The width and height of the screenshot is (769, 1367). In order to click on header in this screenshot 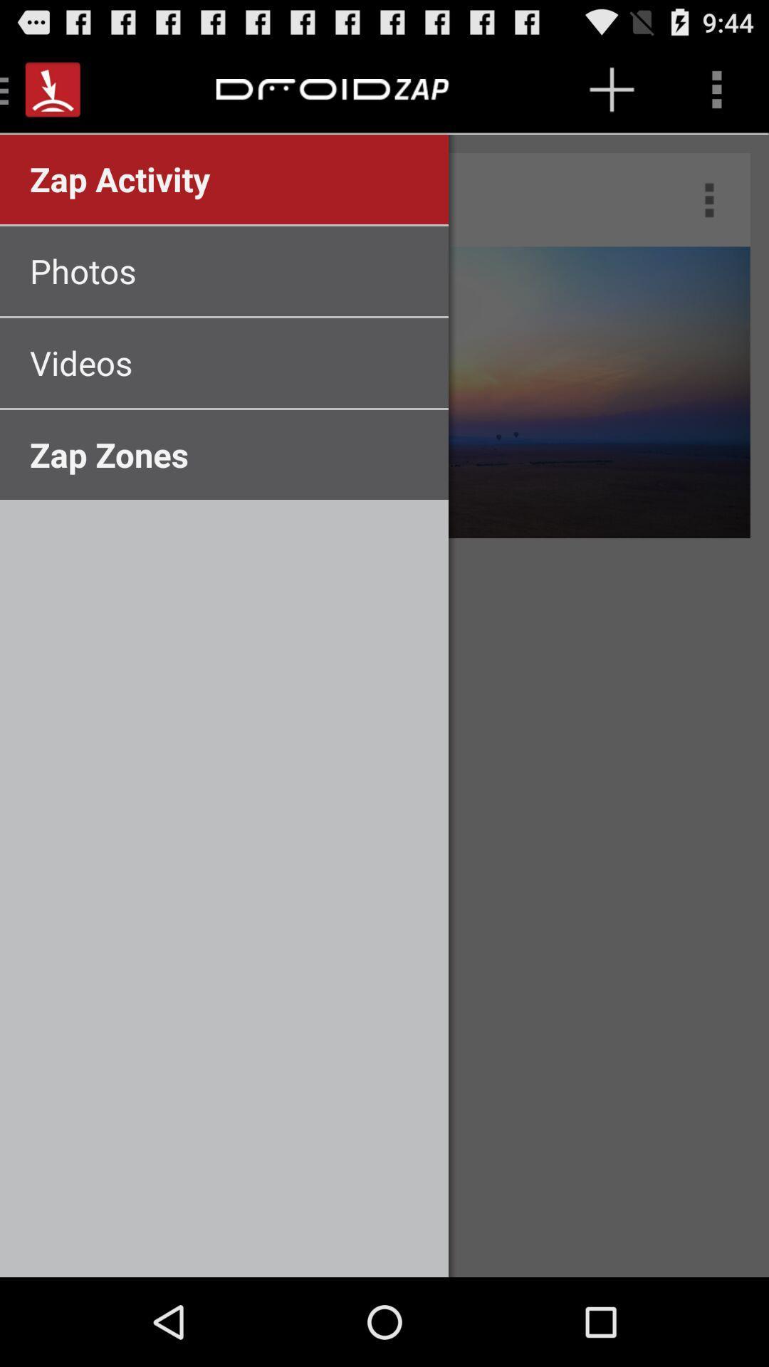, I will do `click(325, 88)`.